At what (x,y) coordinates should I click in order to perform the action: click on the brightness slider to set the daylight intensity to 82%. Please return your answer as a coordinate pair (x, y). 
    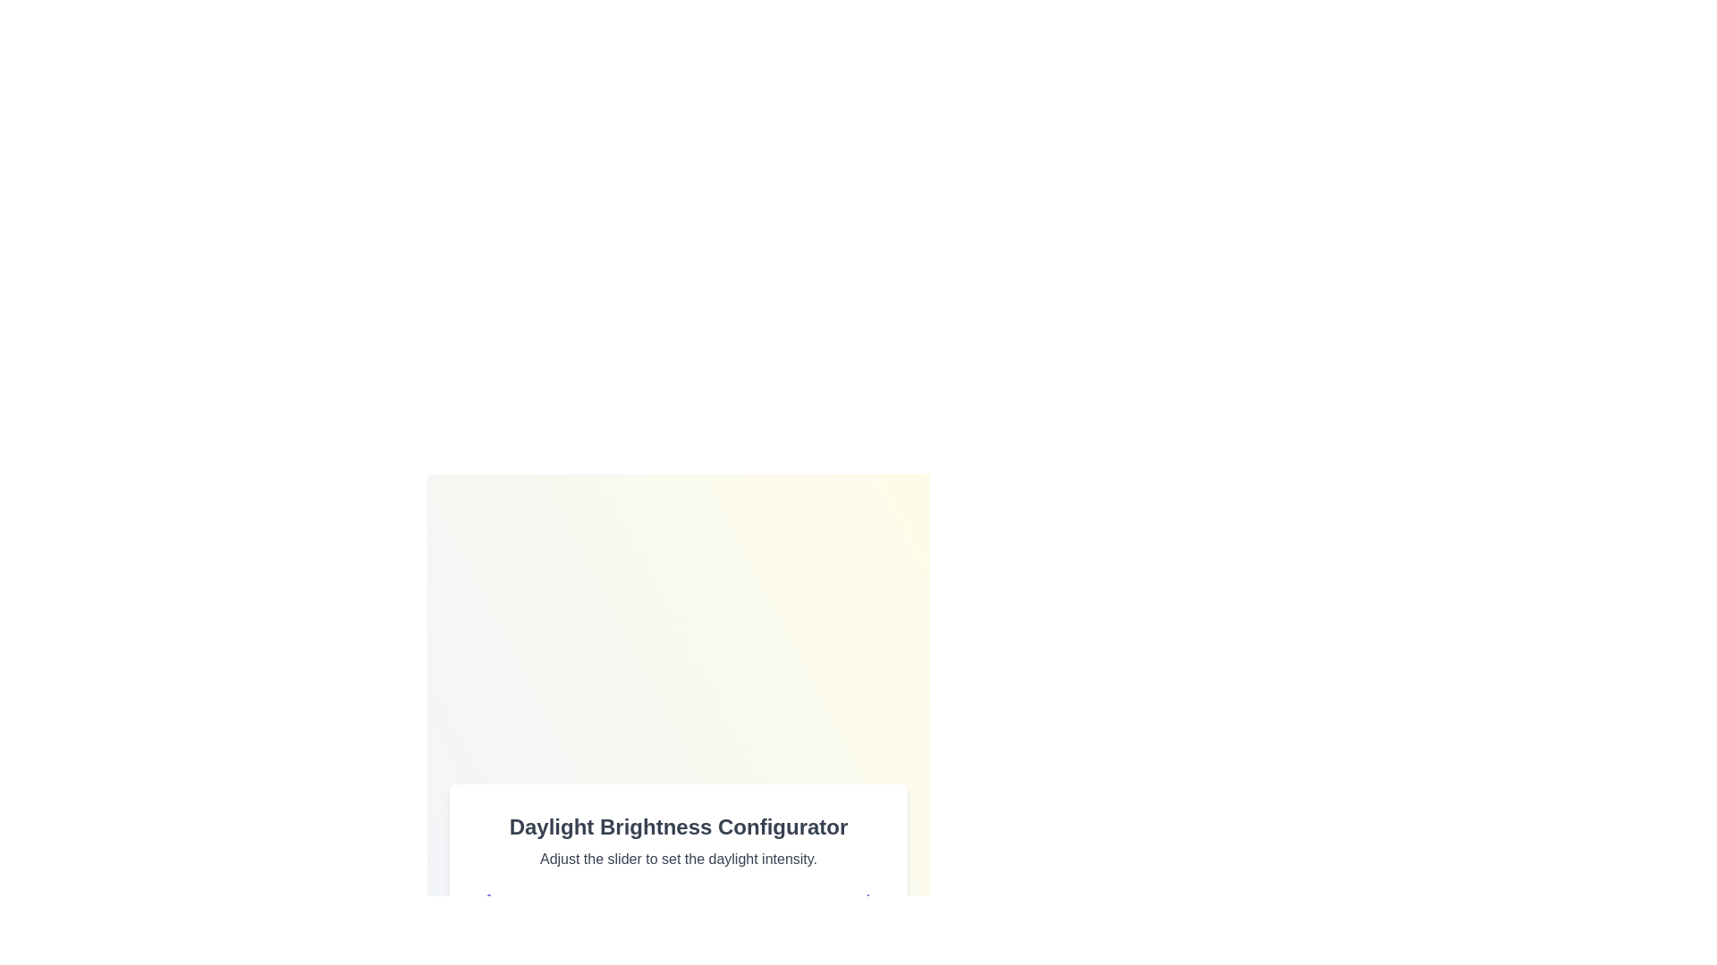
    Looking at the image, I should click on (806, 943).